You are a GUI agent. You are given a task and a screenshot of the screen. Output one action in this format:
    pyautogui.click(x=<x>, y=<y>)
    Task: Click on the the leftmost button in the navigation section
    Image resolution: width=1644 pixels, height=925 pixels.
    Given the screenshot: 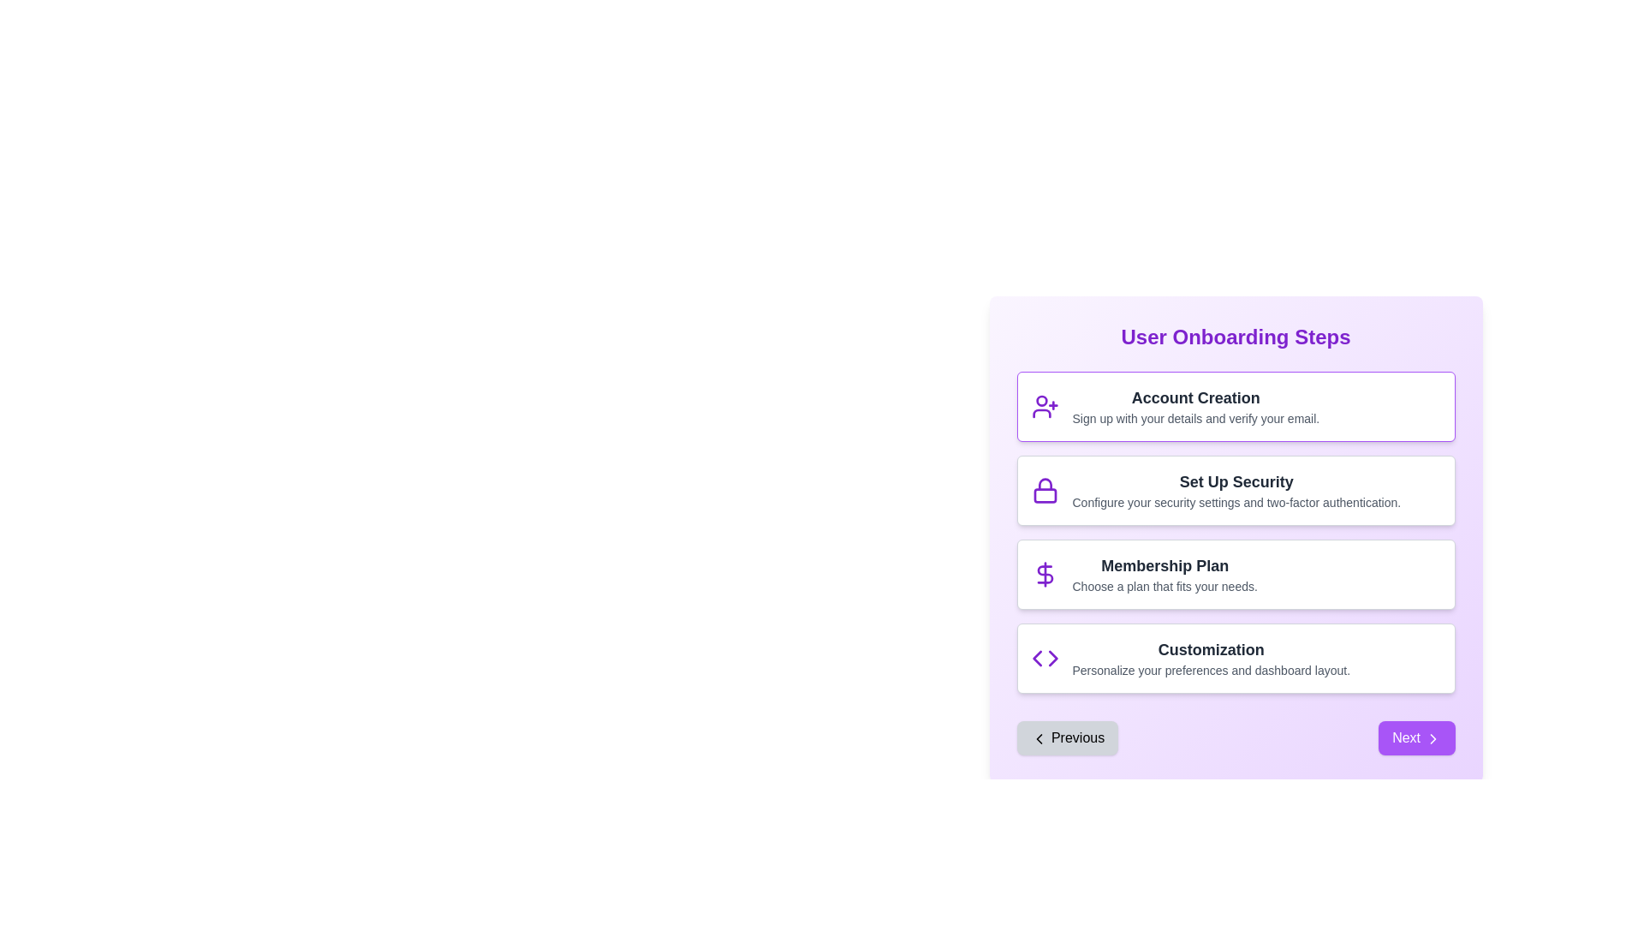 What is the action you would take?
    pyautogui.click(x=1066, y=737)
    